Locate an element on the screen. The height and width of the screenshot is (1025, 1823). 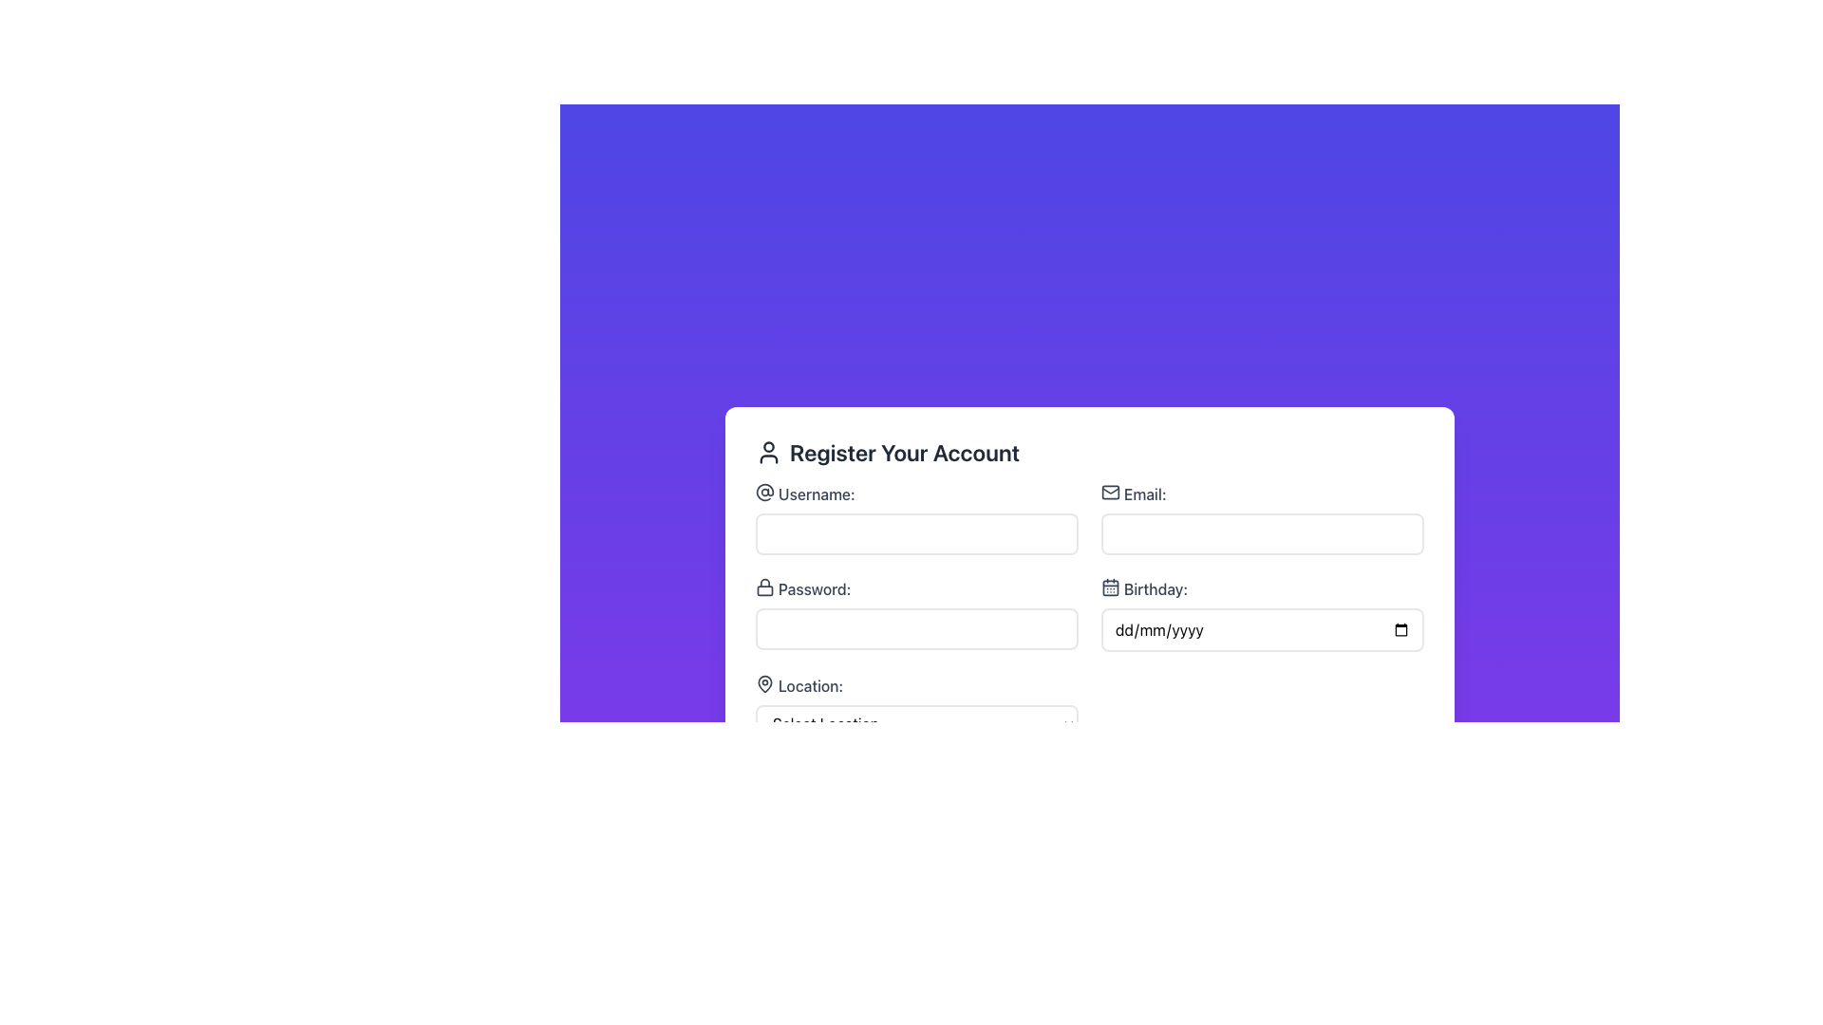
the '@' icon element associated with the 'Username' field in the registration form is located at coordinates (765, 490).